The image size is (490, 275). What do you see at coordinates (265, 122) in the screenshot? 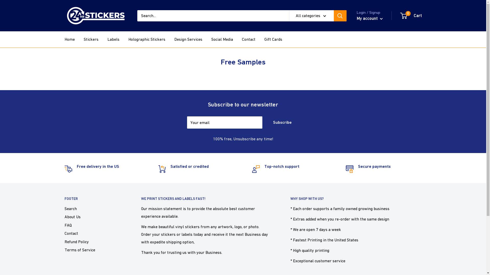
I see `'Subscribe'` at bounding box center [265, 122].